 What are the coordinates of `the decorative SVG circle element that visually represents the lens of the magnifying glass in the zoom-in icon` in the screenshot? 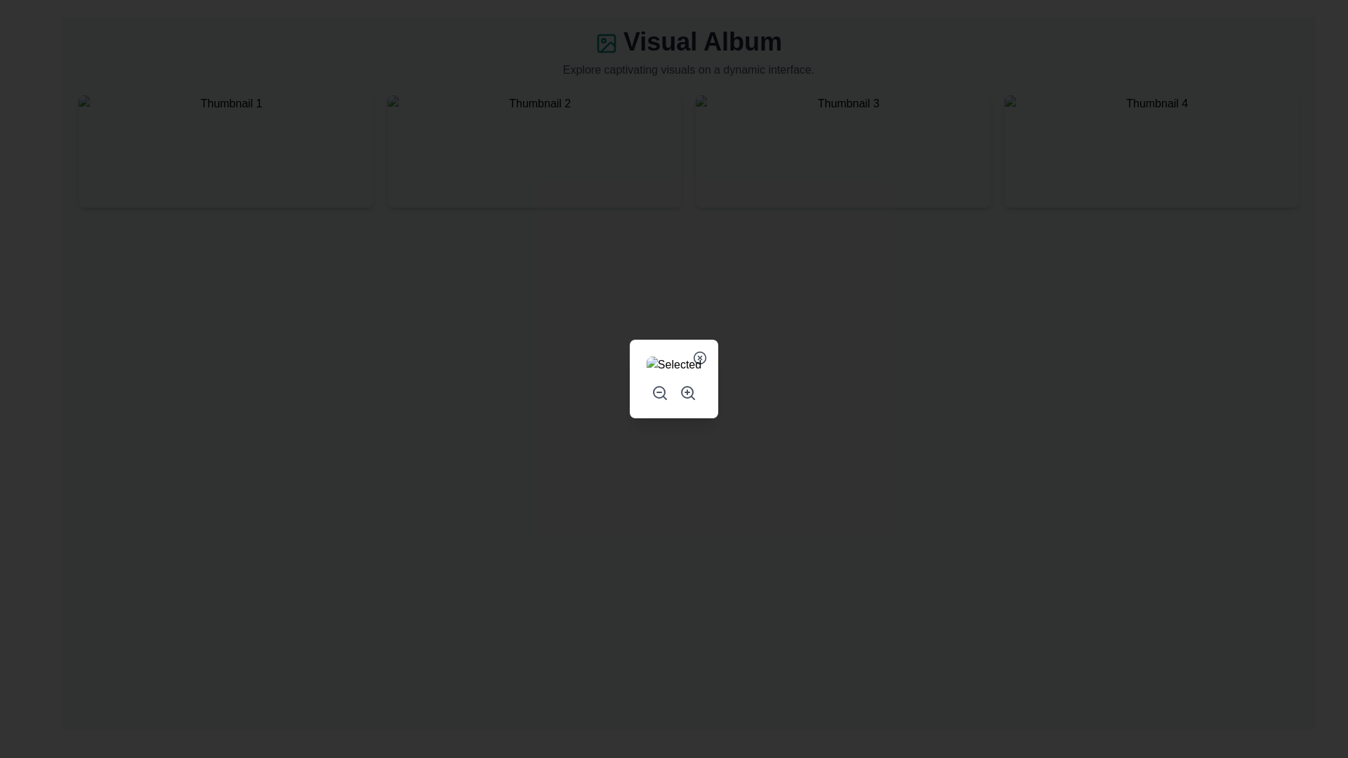 It's located at (687, 392).